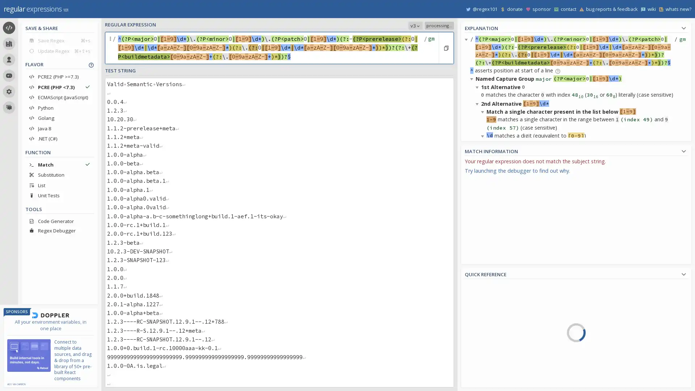 The width and height of the screenshot is (695, 391). I want to click on Match, so click(59, 164).